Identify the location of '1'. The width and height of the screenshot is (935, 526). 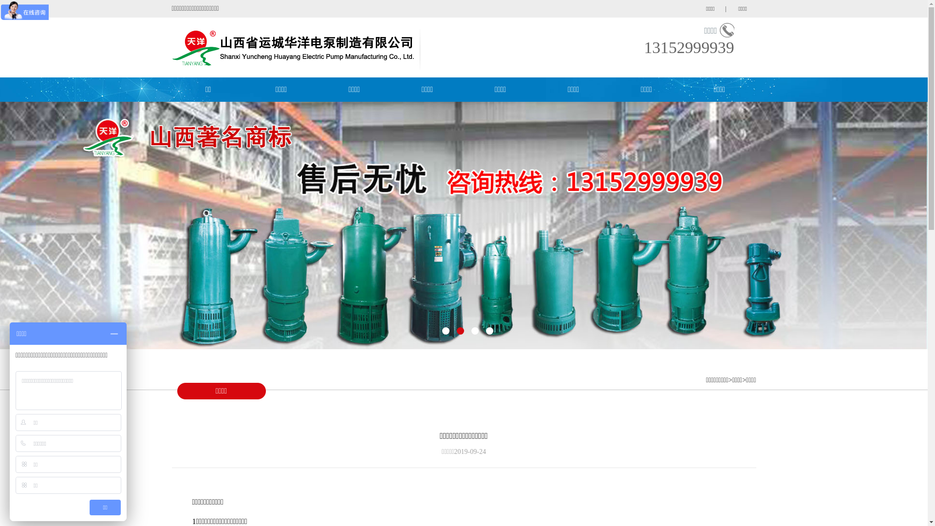
(441, 330).